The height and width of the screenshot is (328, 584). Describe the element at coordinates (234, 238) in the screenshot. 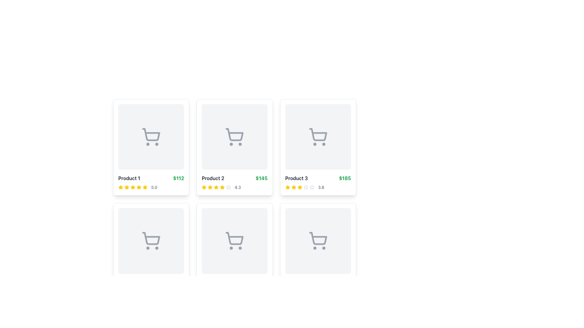

I see `the shopping cart icon, which is a vector graphic with a wireframe design located in the second row and second column of the product card grid` at that location.